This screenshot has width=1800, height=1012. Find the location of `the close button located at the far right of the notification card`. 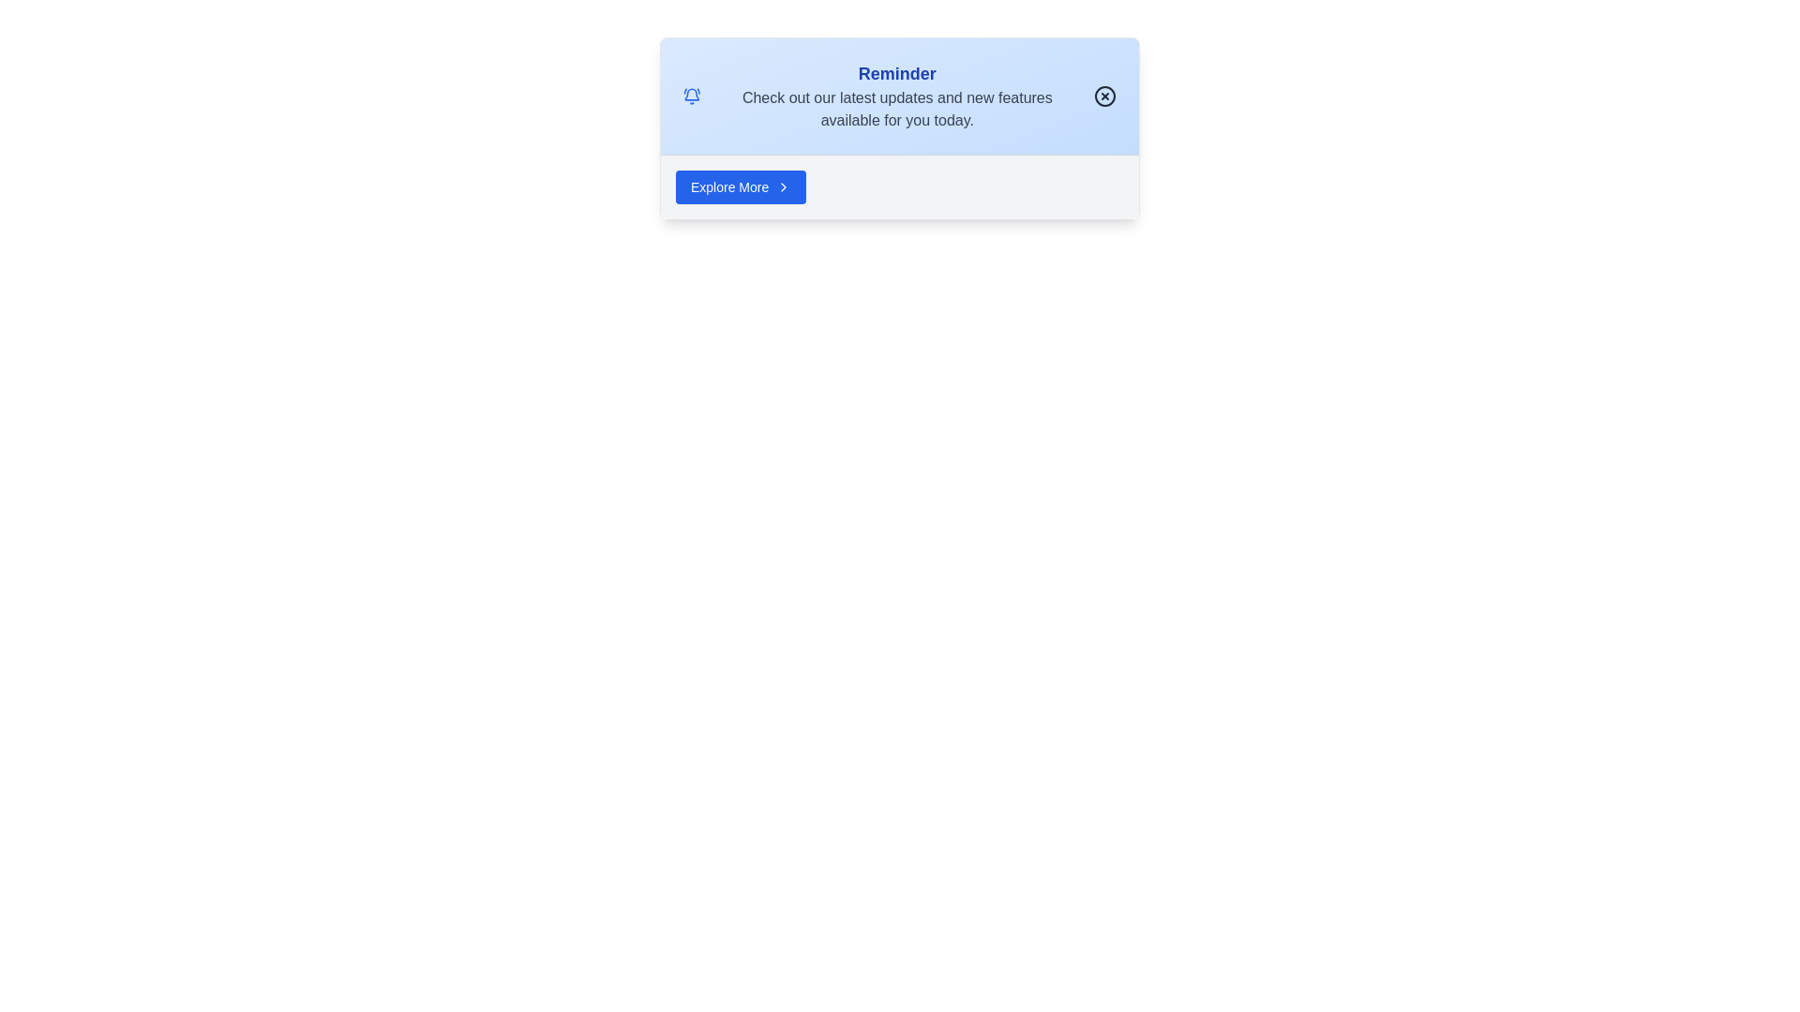

the close button located at the far right of the notification card is located at coordinates (1105, 97).